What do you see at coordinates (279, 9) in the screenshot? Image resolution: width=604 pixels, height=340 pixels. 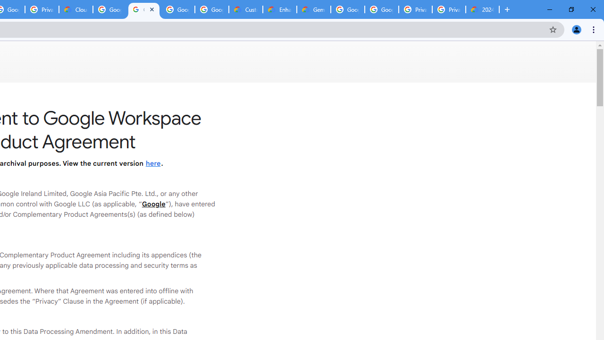 I see `'Enhanced Support | Google Cloud'` at bounding box center [279, 9].